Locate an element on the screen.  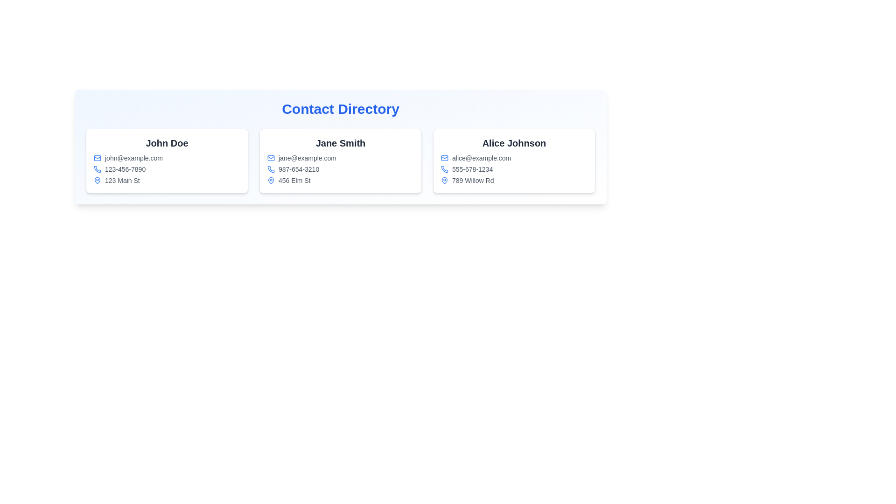
the blue telephone handset icon located is located at coordinates (98, 169).